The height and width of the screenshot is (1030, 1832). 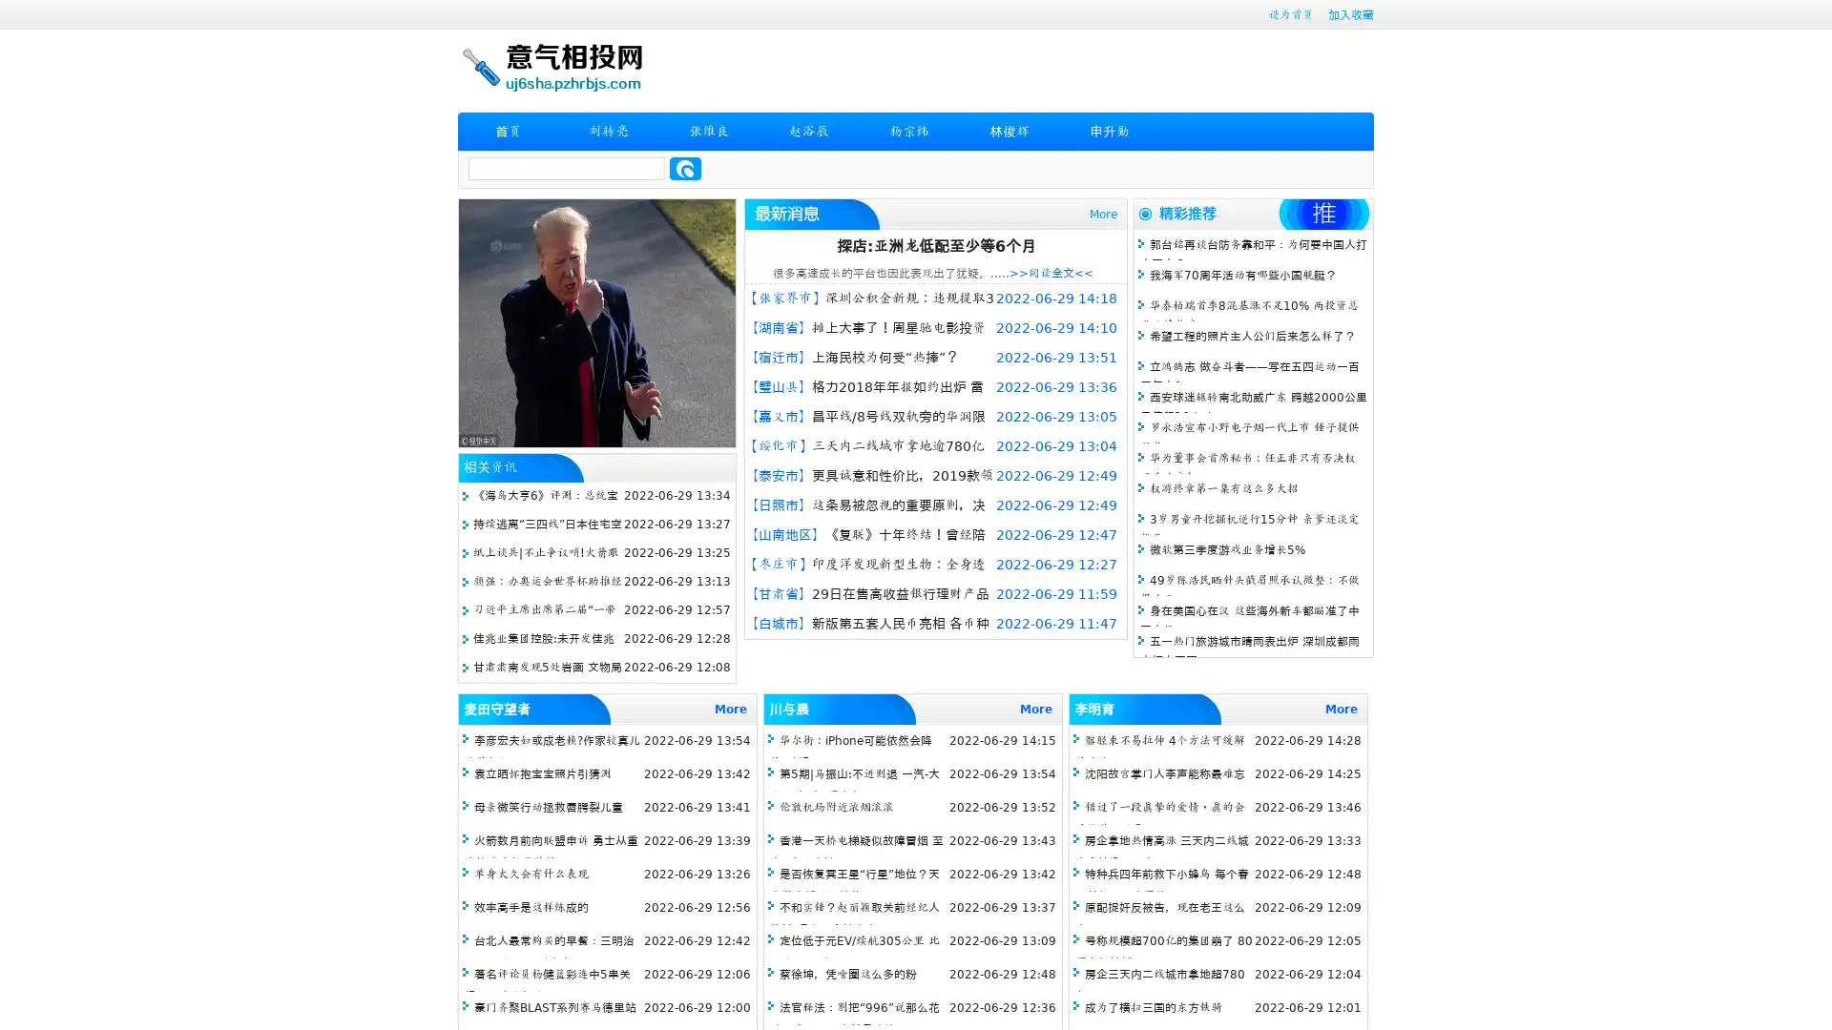 I want to click on Search, so click(x=685, y=168).